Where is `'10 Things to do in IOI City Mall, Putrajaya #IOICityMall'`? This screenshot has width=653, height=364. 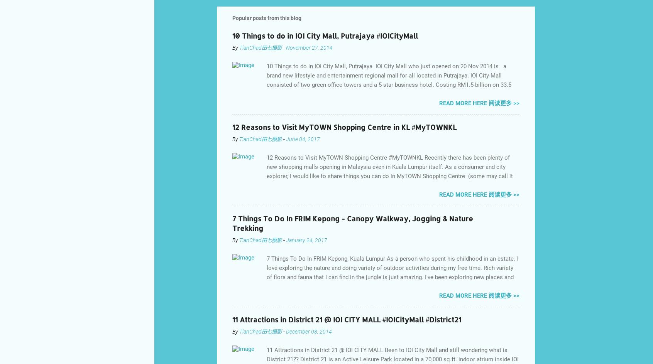
'10 Things to do in IOI City Mall, Putrajaya #IOICityMall' is located at coordinates (325, 35).